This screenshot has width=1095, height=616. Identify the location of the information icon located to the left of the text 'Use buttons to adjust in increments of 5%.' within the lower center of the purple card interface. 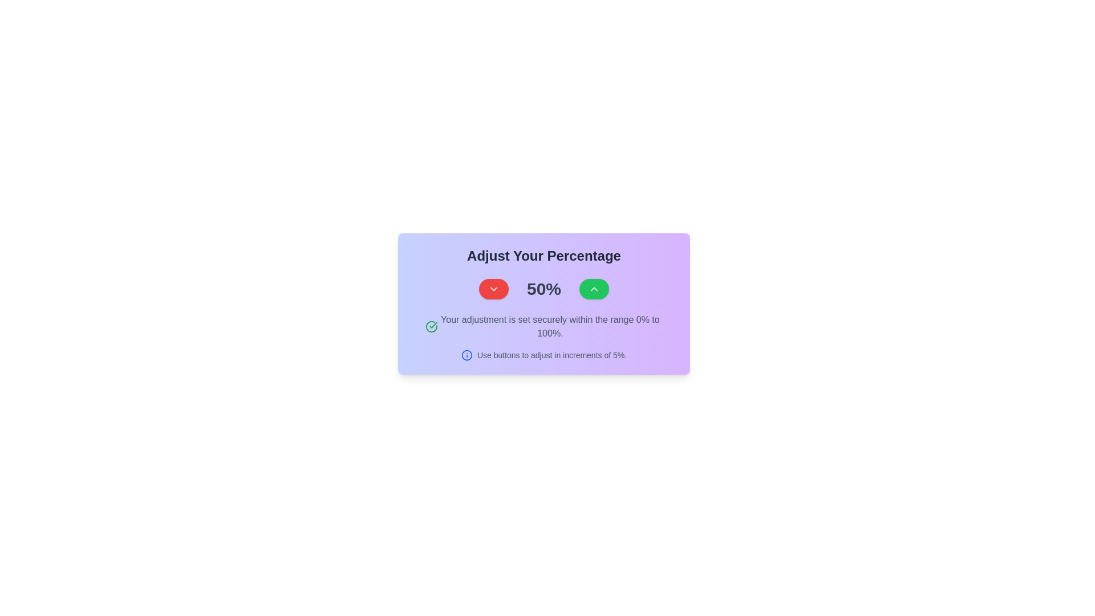
(467, 355).